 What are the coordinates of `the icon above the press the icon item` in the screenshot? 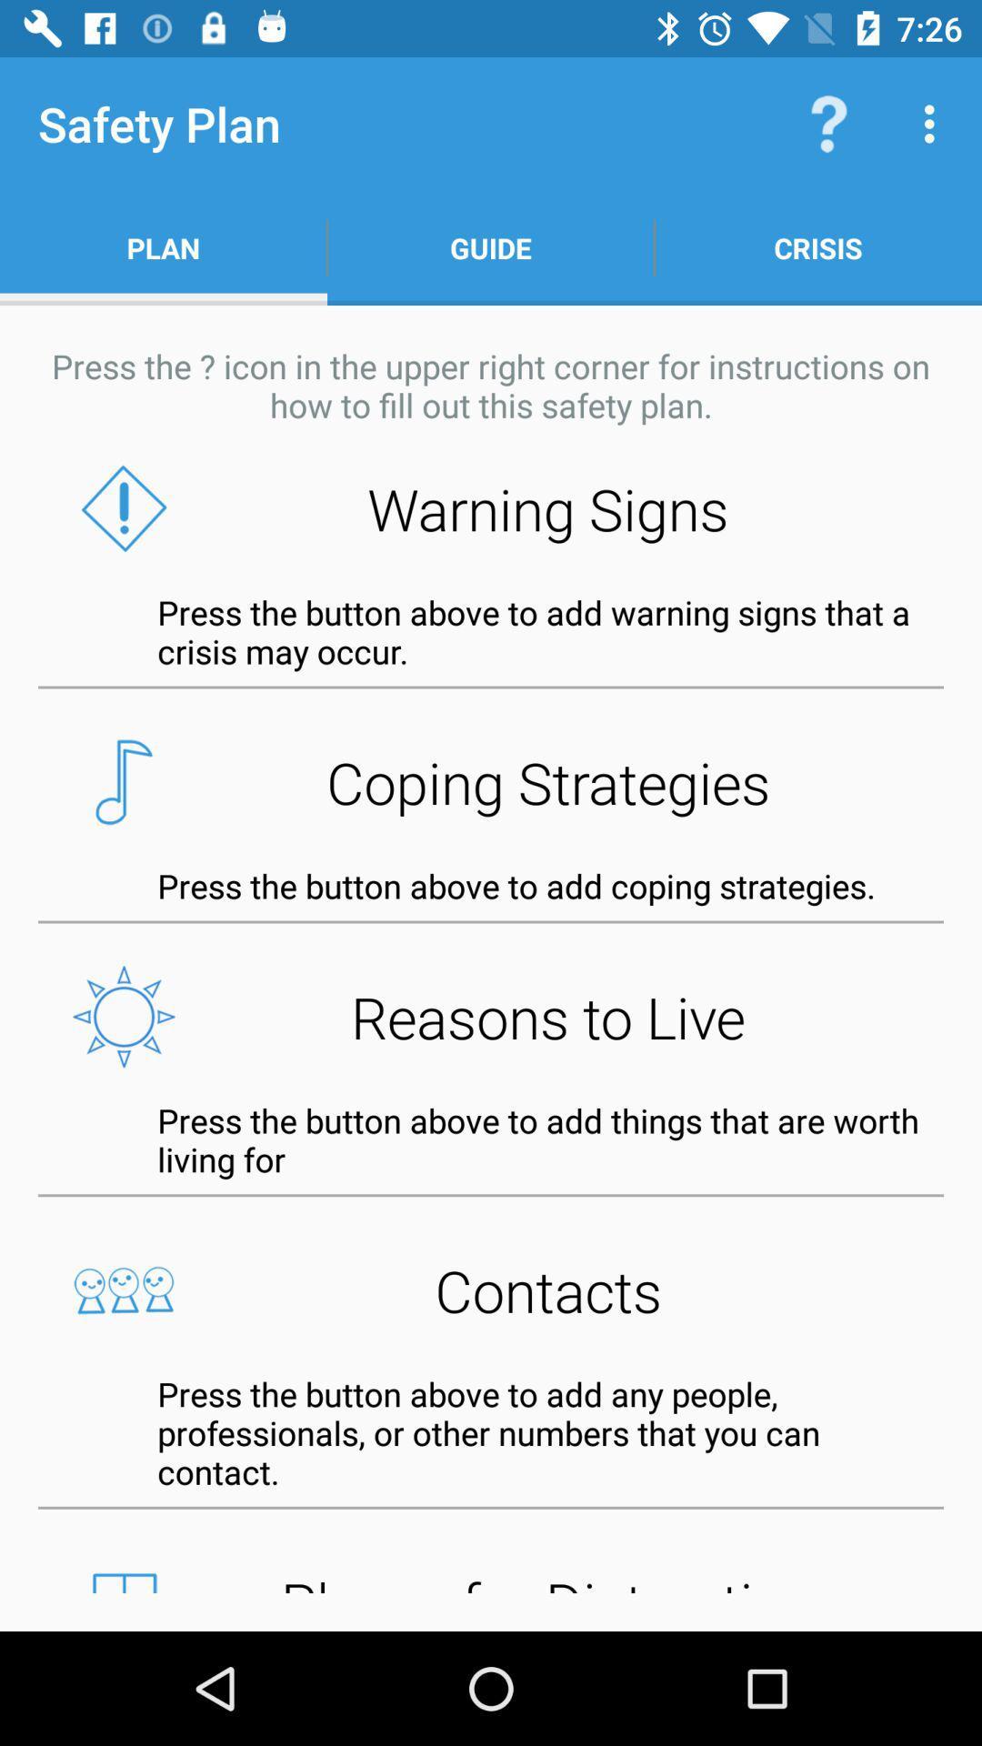 It's located at (491, 247).